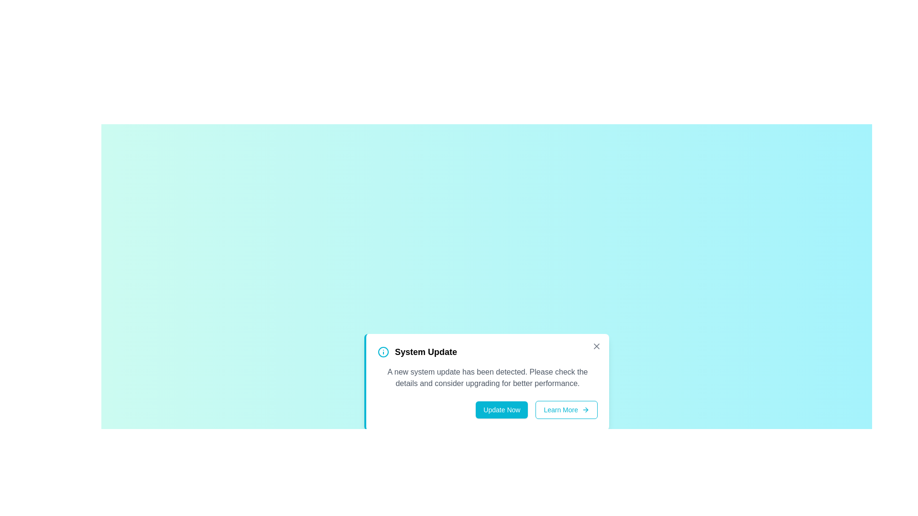  I want to click on the information icon to view its details, so click(383, 352).